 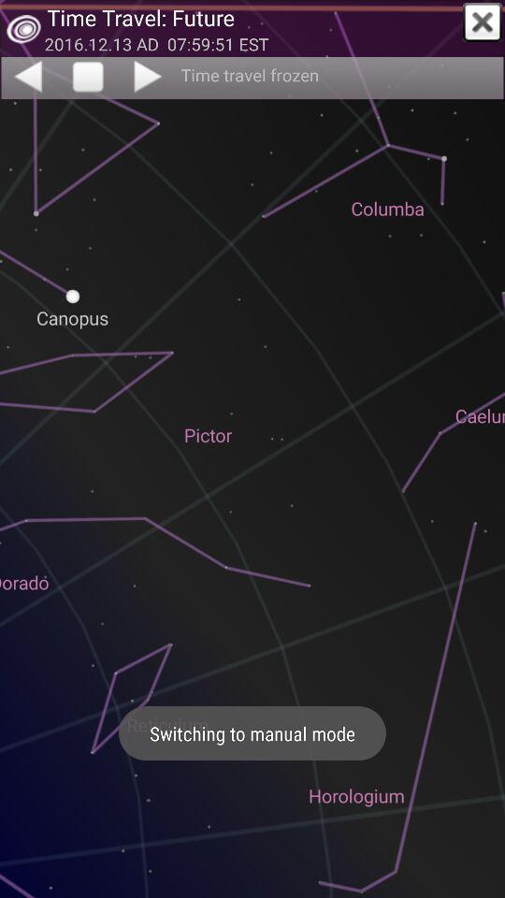 What do you see at coordinates (87, 78) in the screenshot?
I see `stop and on button` at bounding box center [87, 78].